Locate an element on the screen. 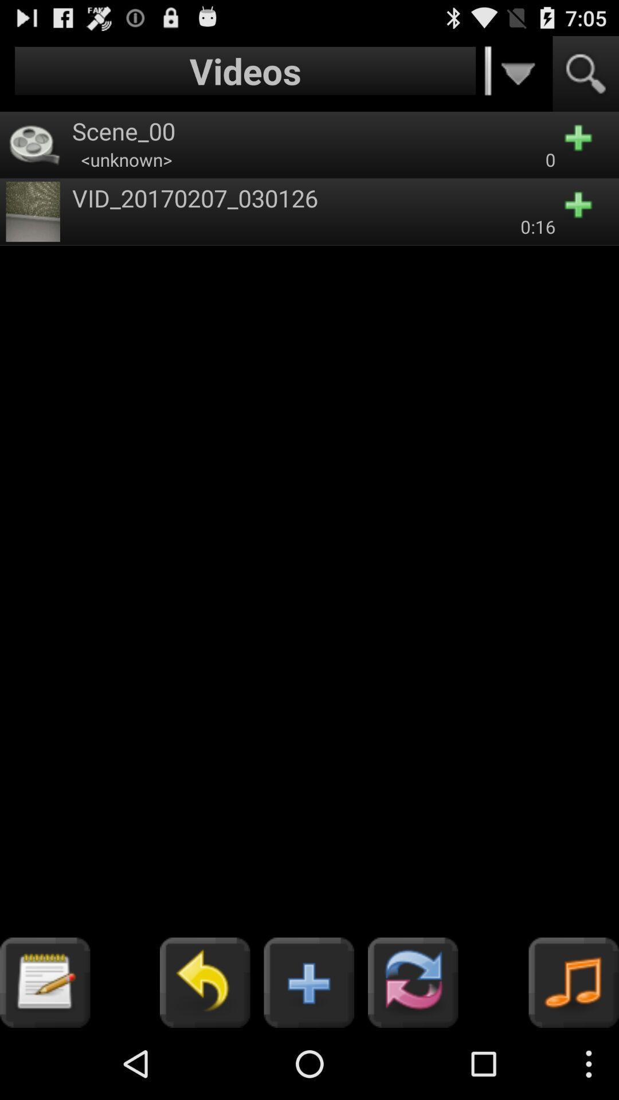  symbol beside 016 is located at coordinates (586, 211).